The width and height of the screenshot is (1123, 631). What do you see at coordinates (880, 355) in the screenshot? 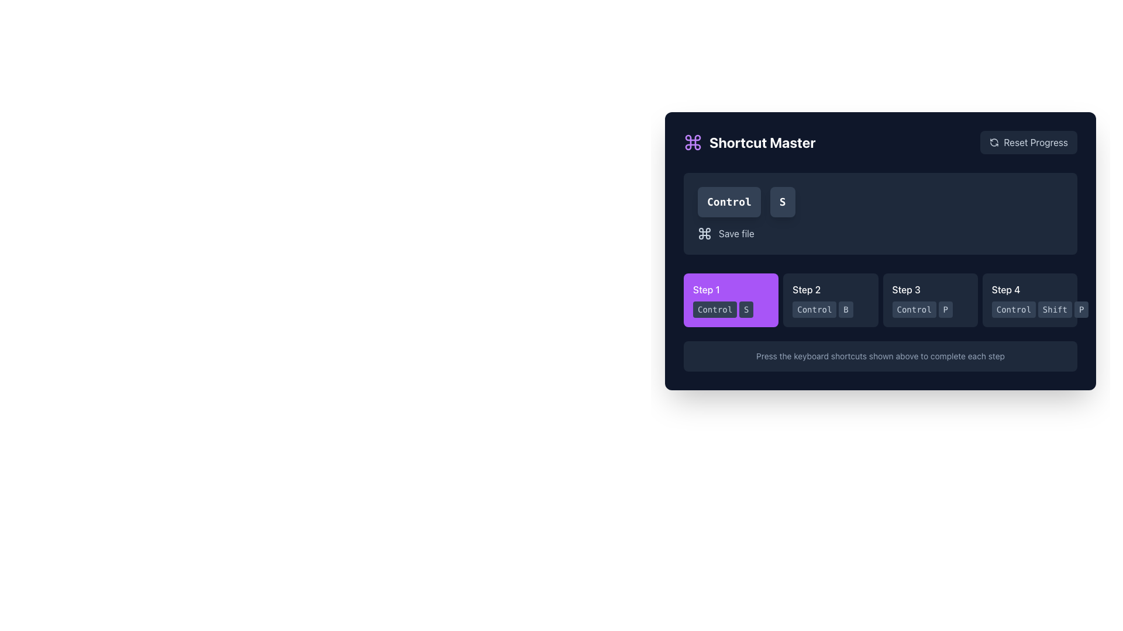
I see `instructions displayed in the text label that says 'Press the keyboard shortcuts shown above to complete each step.'` at bounding box center [880, 355].